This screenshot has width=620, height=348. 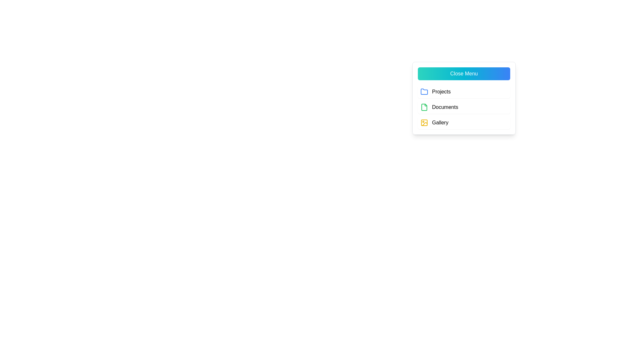 What do you see at coordinates (463, 123) in the screenshot?
I see `the 'Gallery' menu item` at bounding box center [463, 123].